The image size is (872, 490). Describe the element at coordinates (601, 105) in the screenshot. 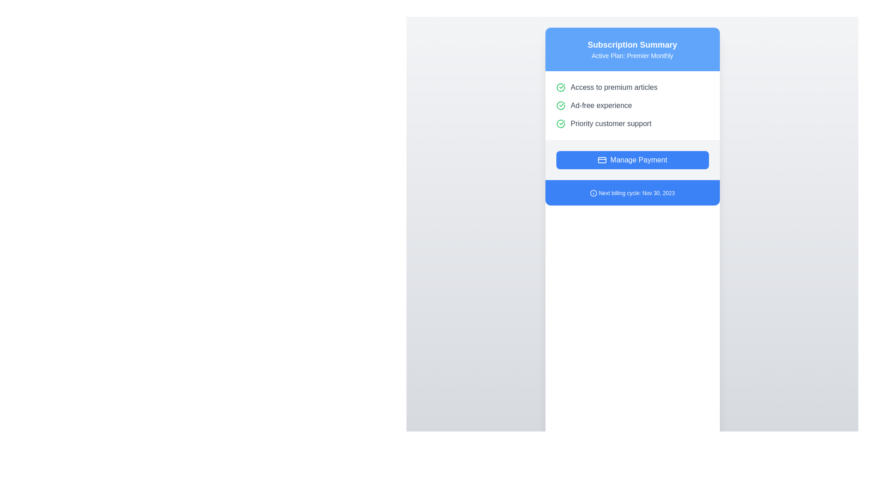

I see `text label that informs the user about the availability of an 'Ad-free experience' in the subscription plan, which is the second item in a vertical list of features` at that location.